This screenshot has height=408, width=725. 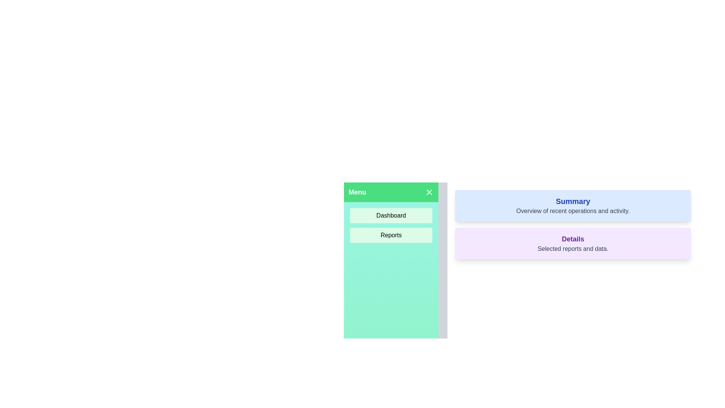 What do you see at coordinates (429, 192) in the screenshot?
I see `the 'X' icon styled in a minimalistic manner, located in the top-right corner of the green header bar labeled 'Menu'` at bounding box center [429, 192].